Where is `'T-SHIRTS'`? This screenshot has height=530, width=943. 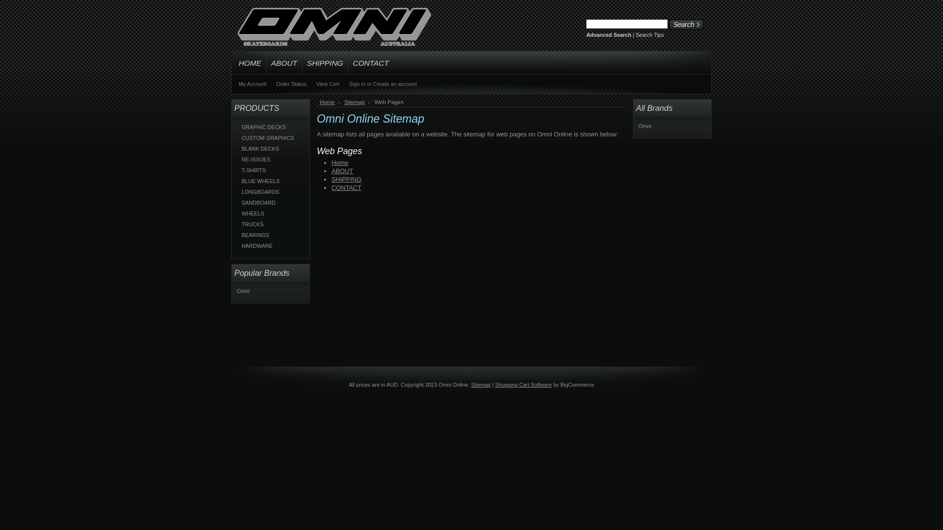 'T-SHIRTS' is located at coordinates (271, 170).